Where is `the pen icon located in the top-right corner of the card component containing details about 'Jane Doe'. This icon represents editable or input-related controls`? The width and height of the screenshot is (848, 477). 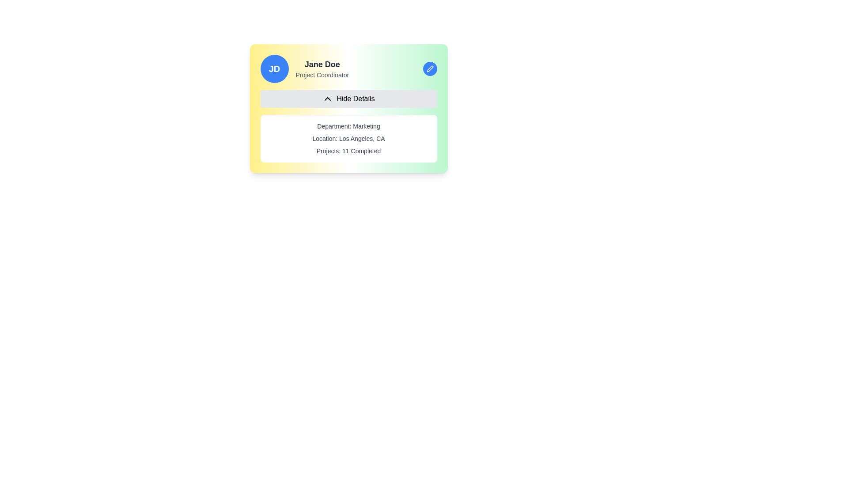 the pen icon located in the top-right corner of the card component containing details about 'Jane Doe'. This icon represents editable or input-related controls is located at coordinates (430, 68).